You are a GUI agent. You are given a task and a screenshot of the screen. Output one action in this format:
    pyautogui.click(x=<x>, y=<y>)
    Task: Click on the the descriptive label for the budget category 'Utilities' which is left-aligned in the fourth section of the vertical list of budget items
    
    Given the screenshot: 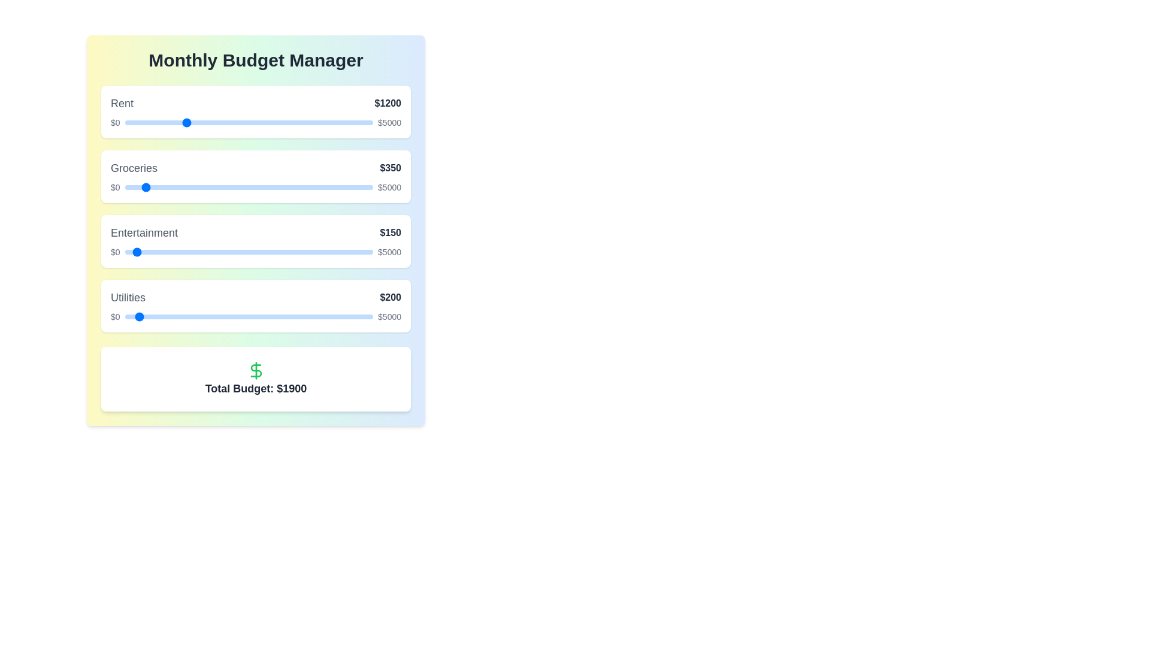 What is the action you would take?
    pyautogui.click(x=128, y=297)
    